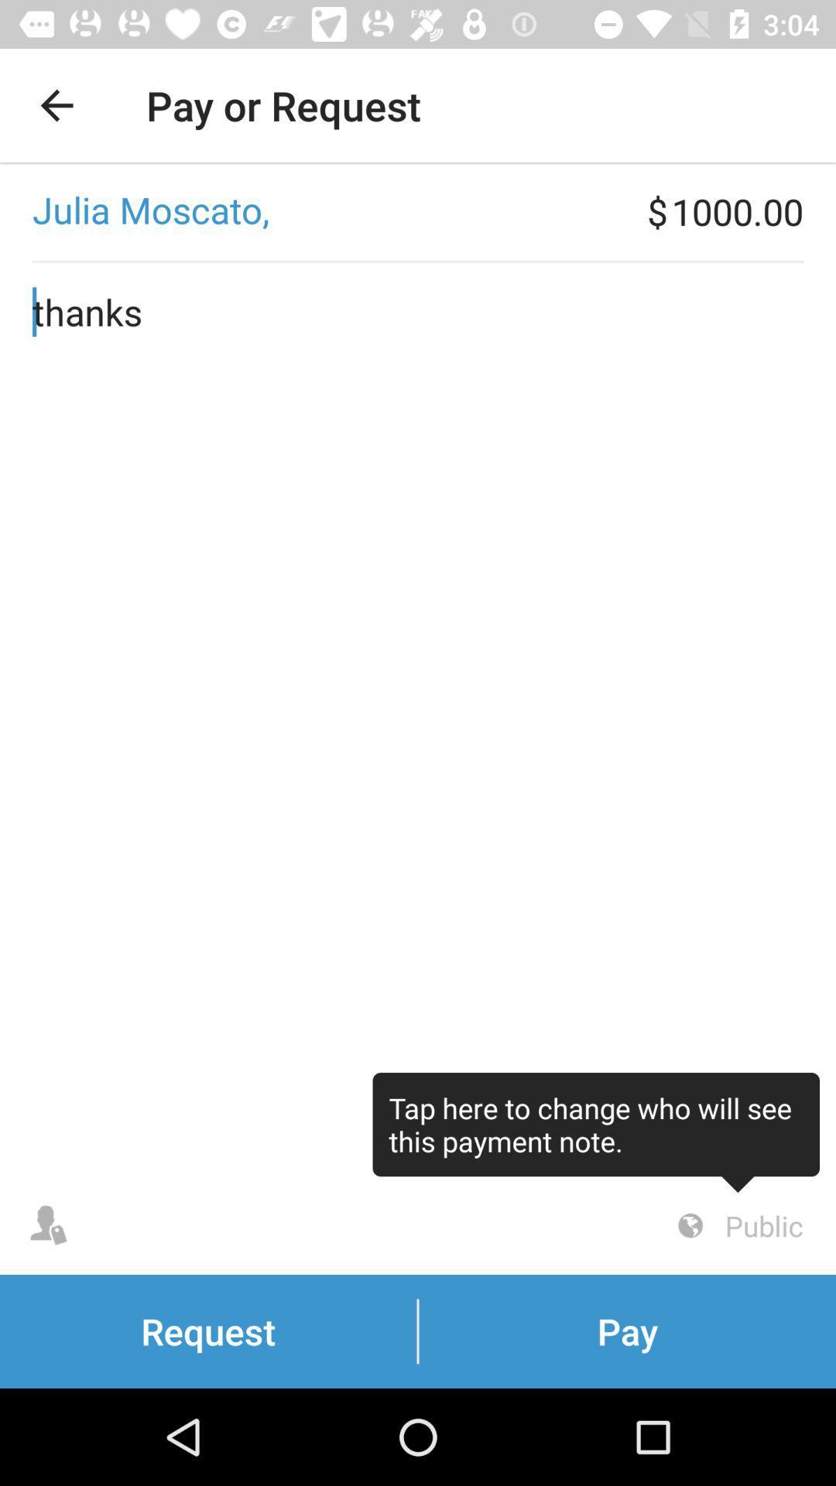  Describe the element at coordinates (56, 104) in the screenshot. I see `the item next to pay or request app` at that location.